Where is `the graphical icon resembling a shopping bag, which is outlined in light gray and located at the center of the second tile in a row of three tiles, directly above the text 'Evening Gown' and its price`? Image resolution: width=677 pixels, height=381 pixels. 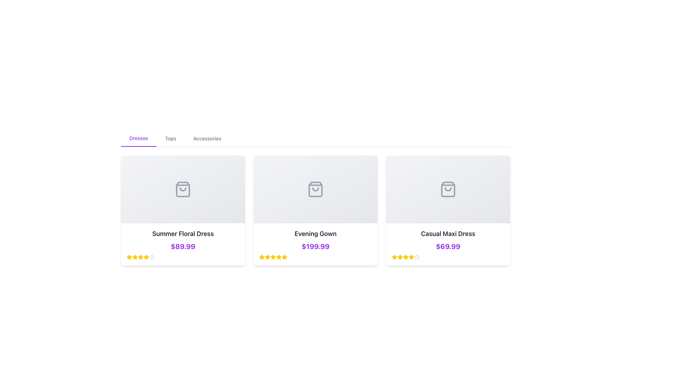 the graphical icon resembling a shopping bag, which is outlined in light gray and located at the center of the second tile in a row of three tiles, directly above the text 'Evening Gown' and its price is located at coordinates (315, 189).